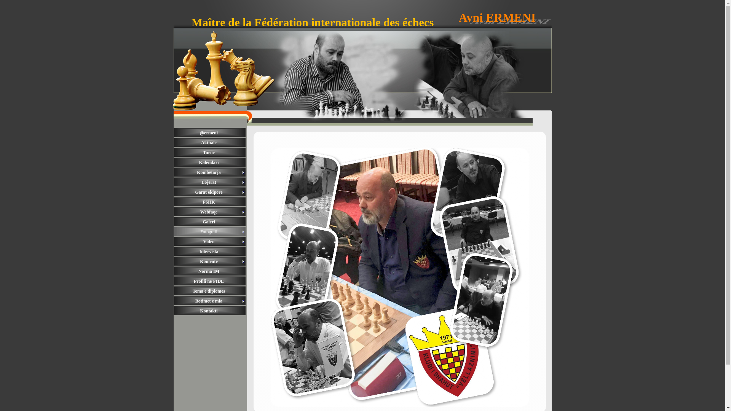 The height and width of the screenshot is (411, 731). I want to click on 'Tema e diplomes', so click(210, 291).